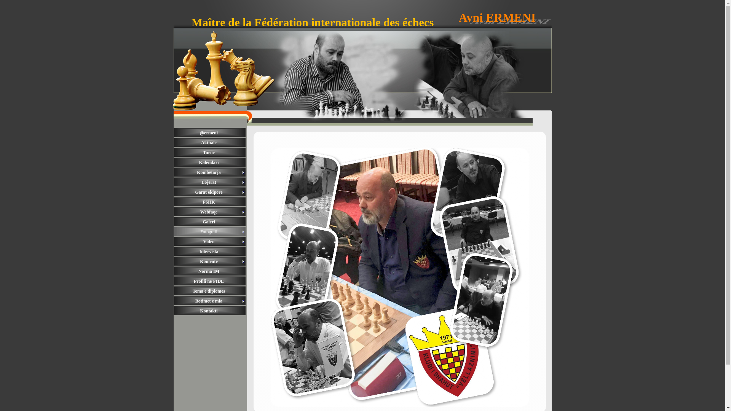 The height and width of the screenshot is (411, 731). I want to click on 'Tema e diplomes', so click(210, 291).